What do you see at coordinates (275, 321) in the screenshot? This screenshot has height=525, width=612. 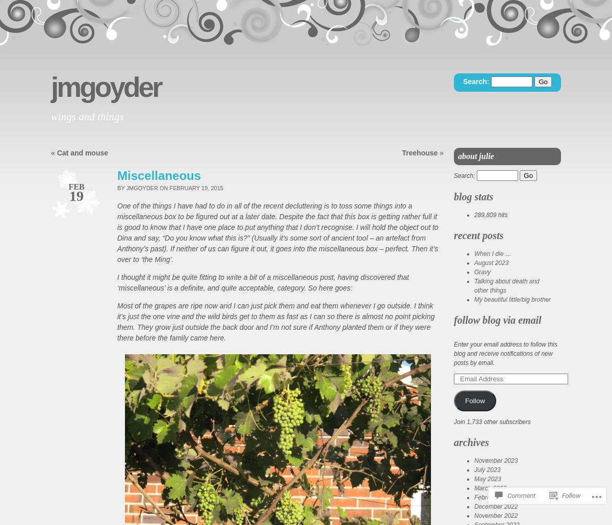 I see `'Most of the grapes are ripe now and I can just pick them and eat them whenever I go outside. I think it’s just the one vine and the wild birds get to them as fast as I can so there is almost no point picking them. They grow just outside the back door and I’m not sure if Anthony planted them or if they were there before the family came here.'` at bounding box center [275, 321].